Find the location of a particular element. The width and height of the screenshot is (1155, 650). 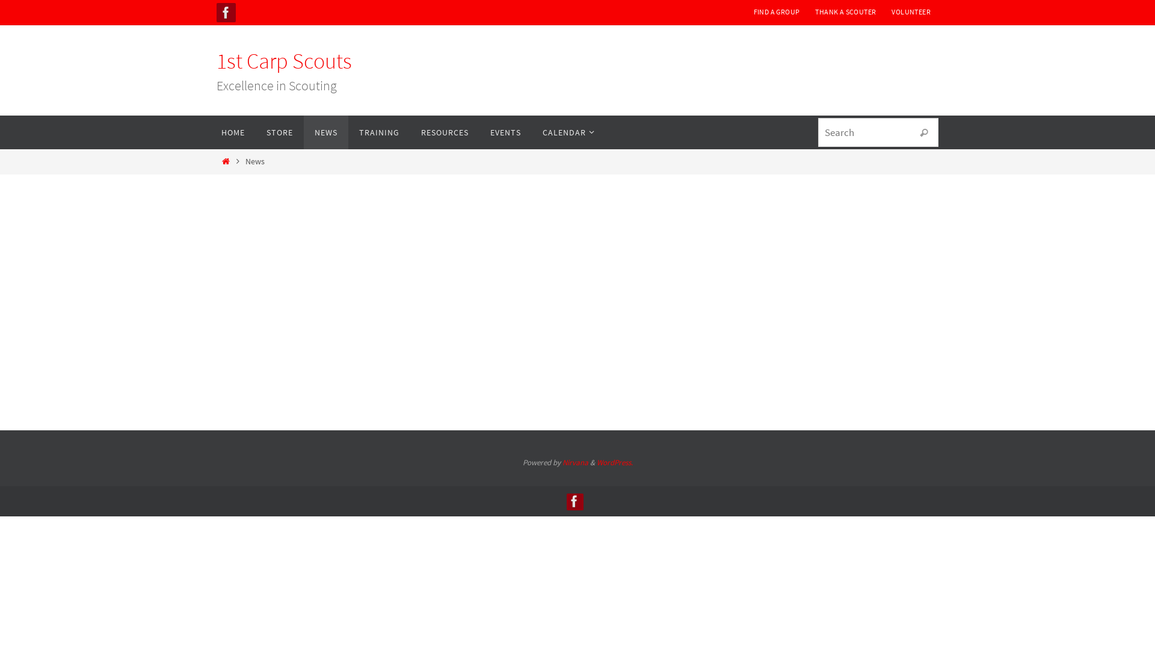

'NEWS' is located at coordinates (326, 132).